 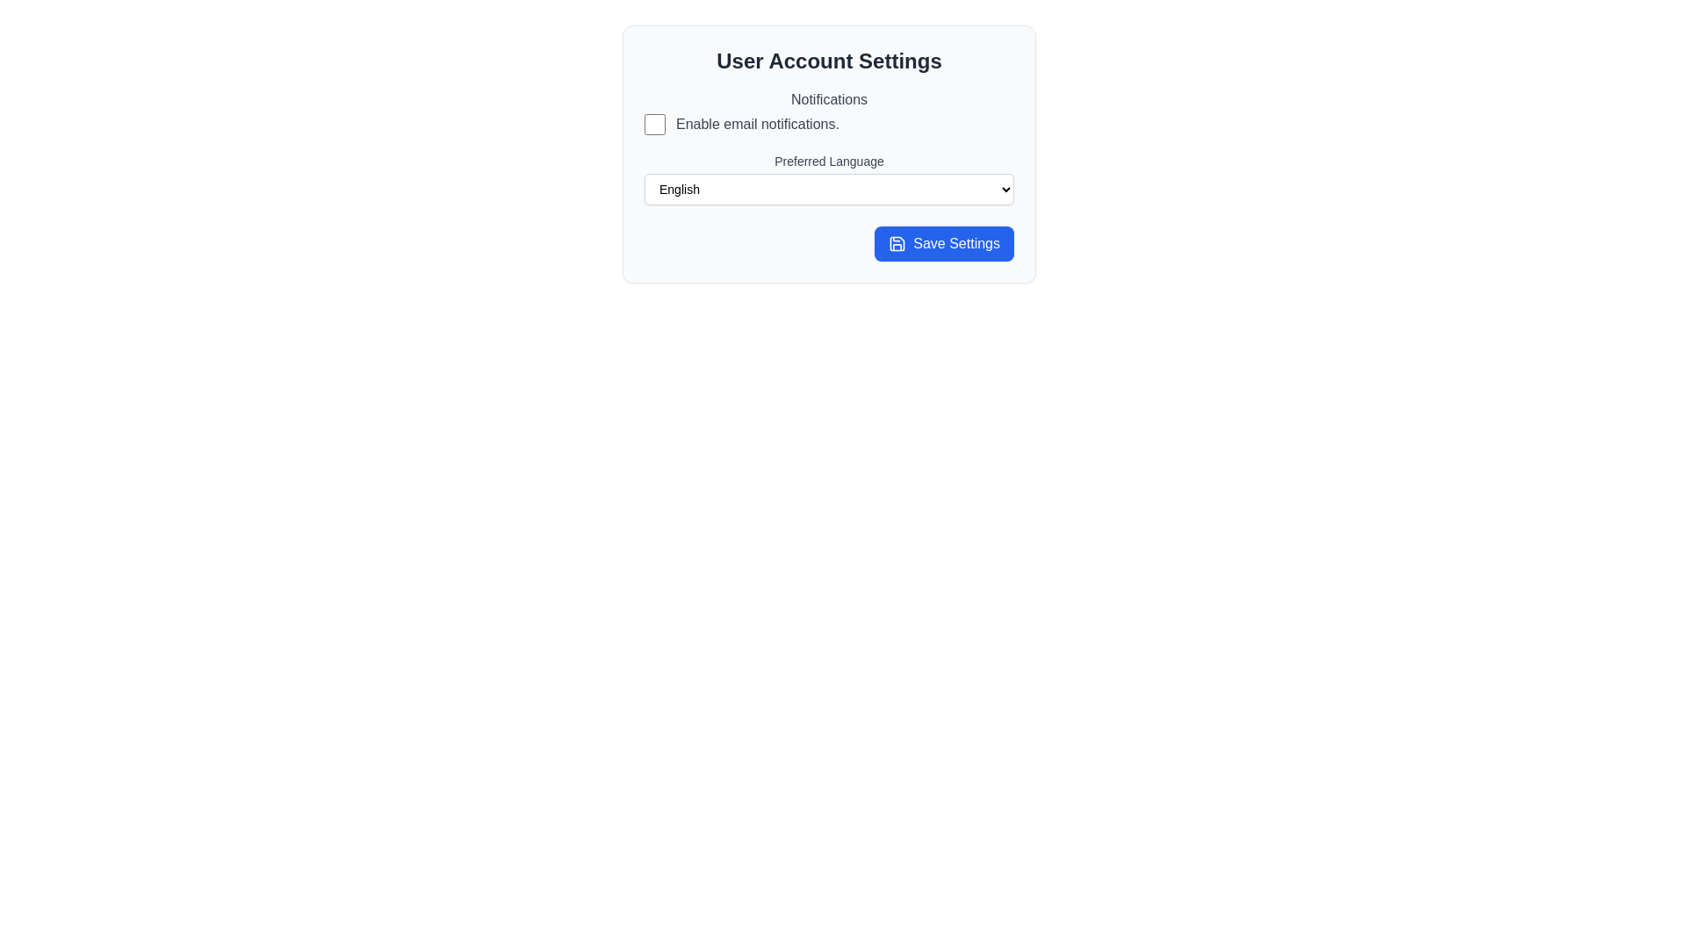 I want to click on the label associated with the checkbox for email notifications, so click(x=828, y=124).